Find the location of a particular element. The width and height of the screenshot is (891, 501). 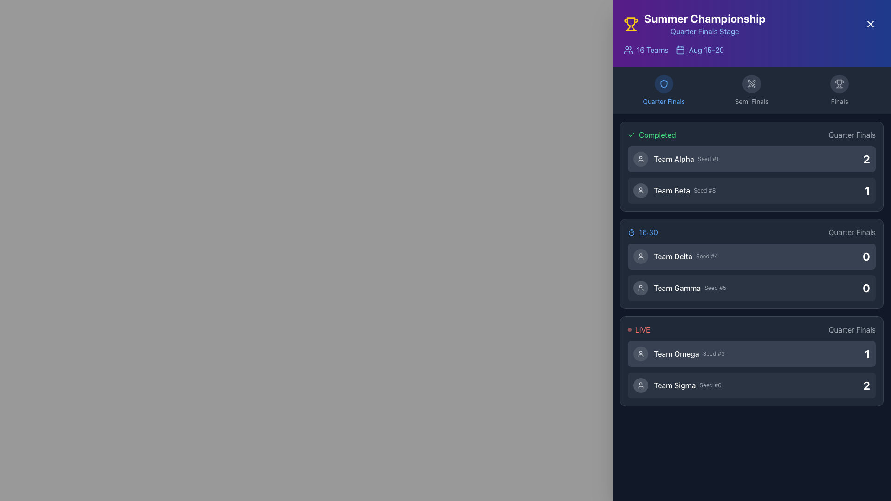

the circular profile icon with a gray background and white user silhouette located to the left of the 'Team Beta' text is located at coordinates (640, 190).